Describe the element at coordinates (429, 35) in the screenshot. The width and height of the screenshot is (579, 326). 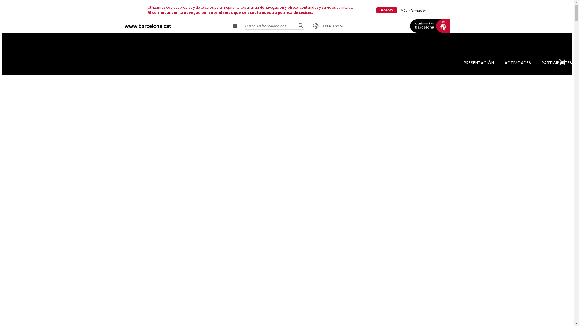
I see `'Abrir en una ventana nueva'` at that location.